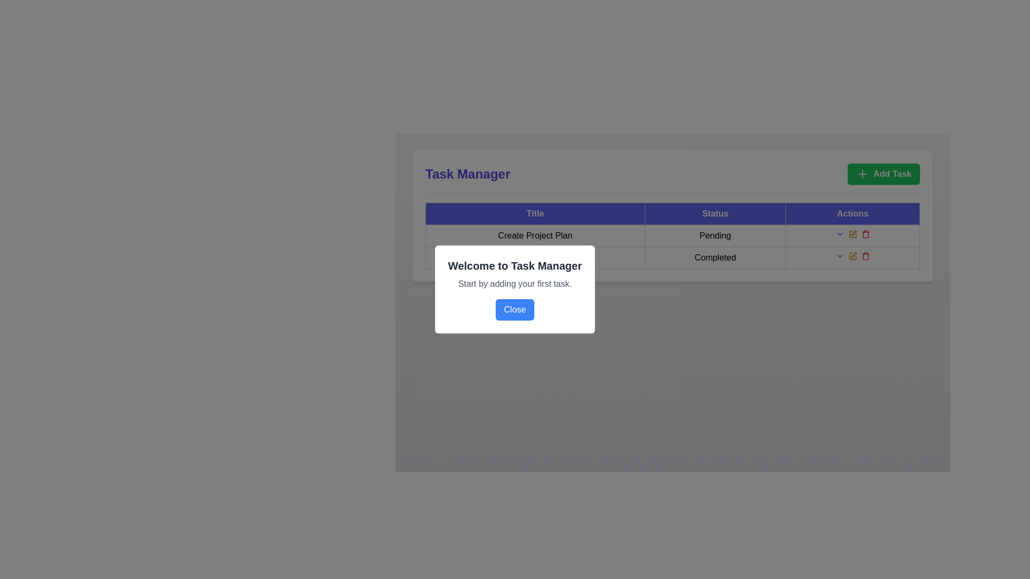 Image resolution: width=1030 pixels, height=579 pixels. What do you see at coordinates (468, 173) in the screenshot?
I see `the 'Task Manager' title text label located in the top-left corner of the header bar, adjacent to the green 'Add Task' button` at bounding box center [468, 173].